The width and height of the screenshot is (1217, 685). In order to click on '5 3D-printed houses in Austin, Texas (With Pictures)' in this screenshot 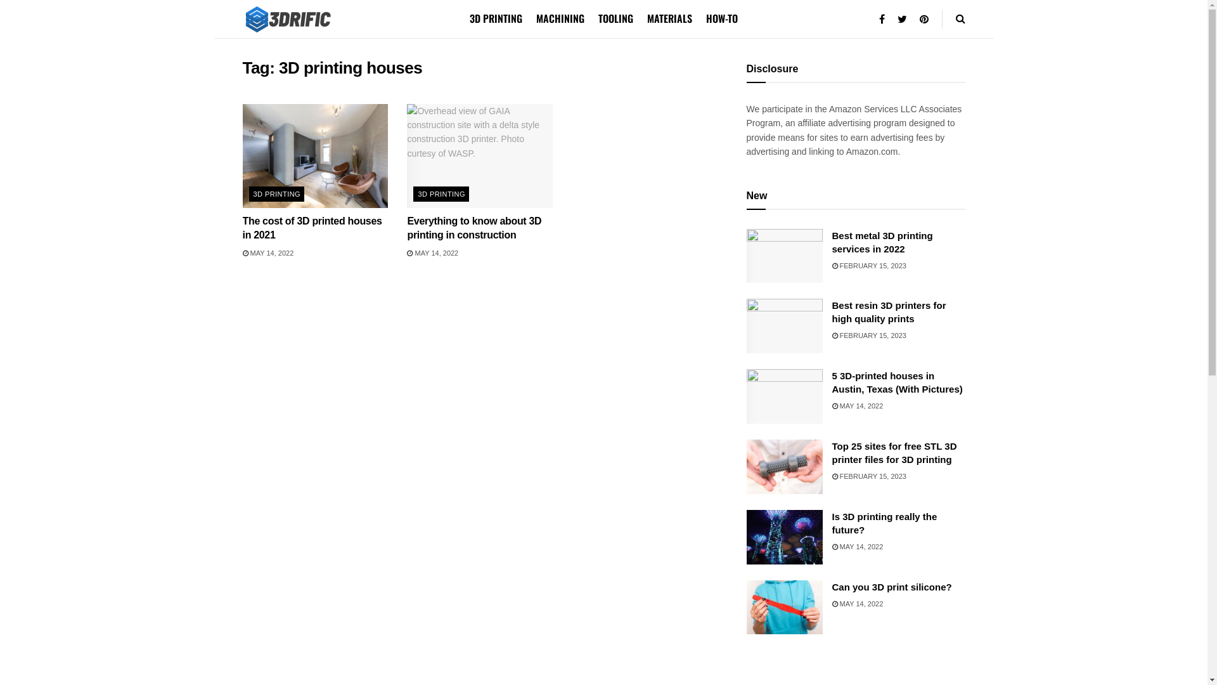, I will do `click(896, 381)`.